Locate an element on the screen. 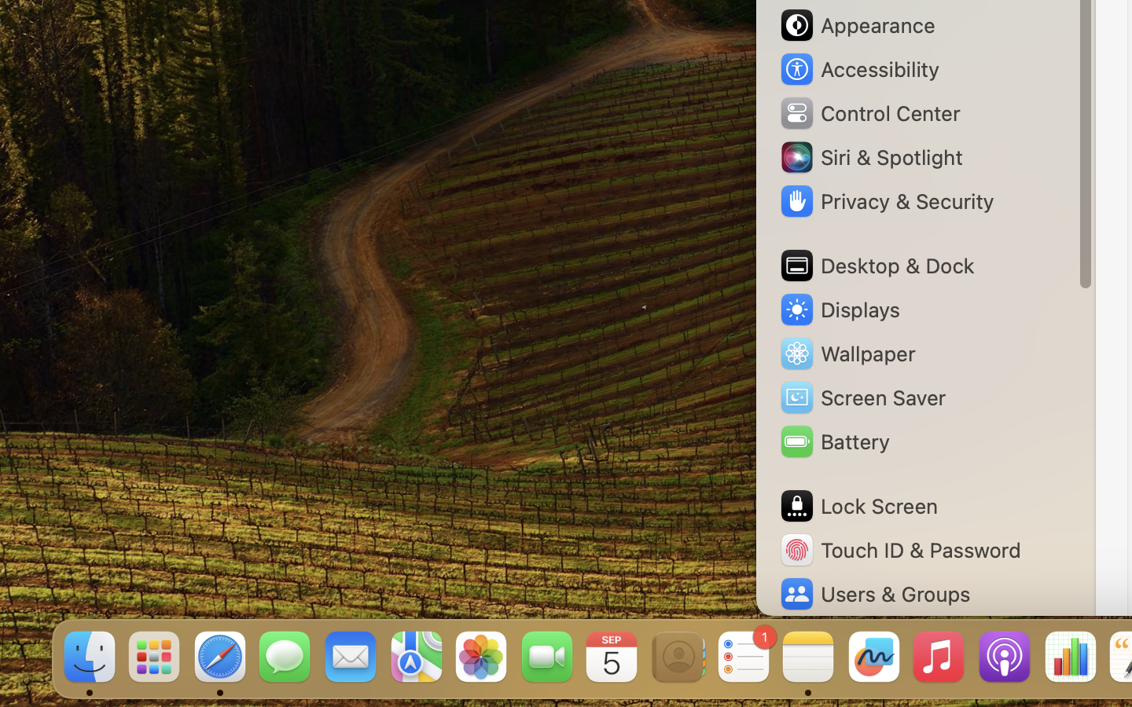 The image size is (1132, 707). 'Control Center' is located at coordinates (869, 113).